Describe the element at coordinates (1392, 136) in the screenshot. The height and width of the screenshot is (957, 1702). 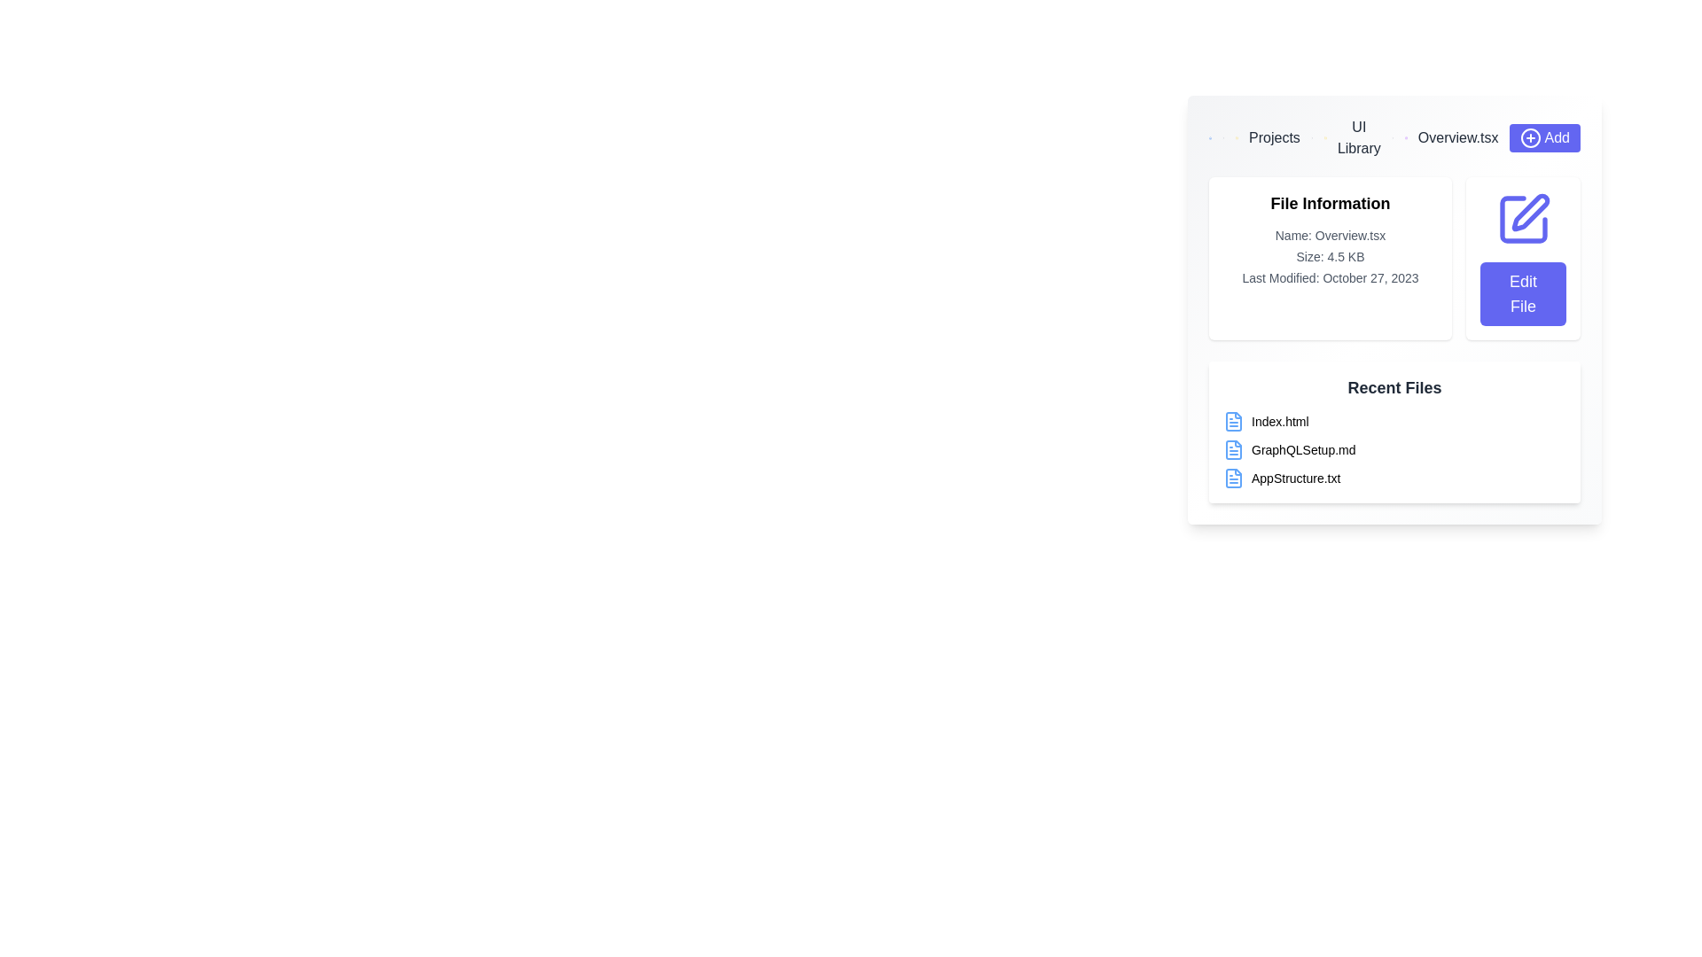
I see `the navigation structure by focusing on the fifth right-pointing chevron icon in the breadcrumb navigation bar, located between 'UI Library' and 'Overview.tsx'` at that location.